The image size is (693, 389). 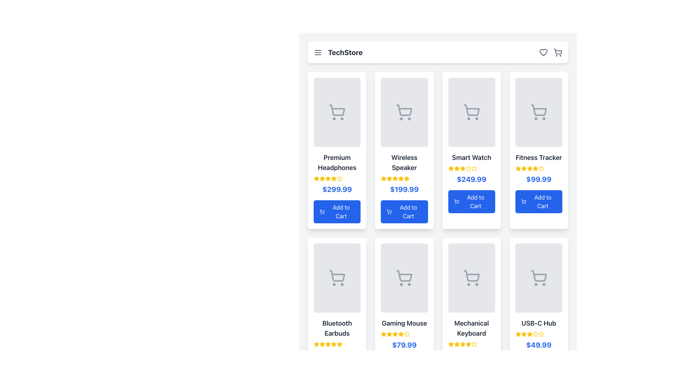 I want to click on the product name or image of the fourth product display card in the first row of the grid, so click(x=539, y=150).